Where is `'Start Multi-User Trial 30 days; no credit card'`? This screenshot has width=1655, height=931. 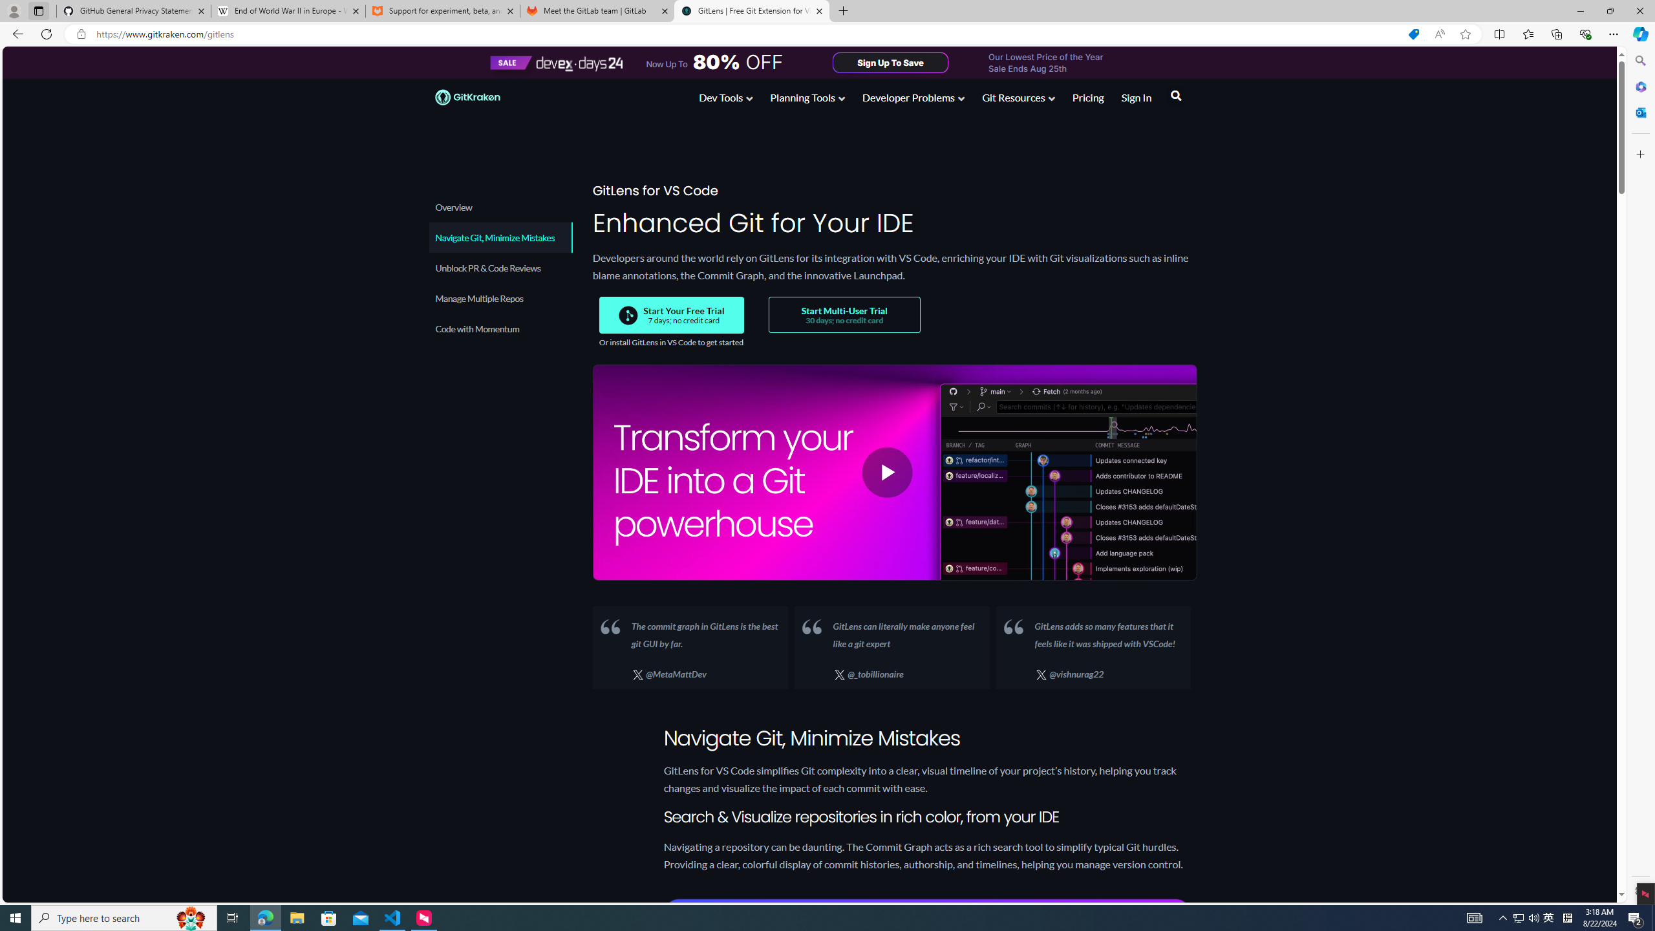 'Start Multi-User Trial 30 days; no credit card' is located at coordinates (843, 314).